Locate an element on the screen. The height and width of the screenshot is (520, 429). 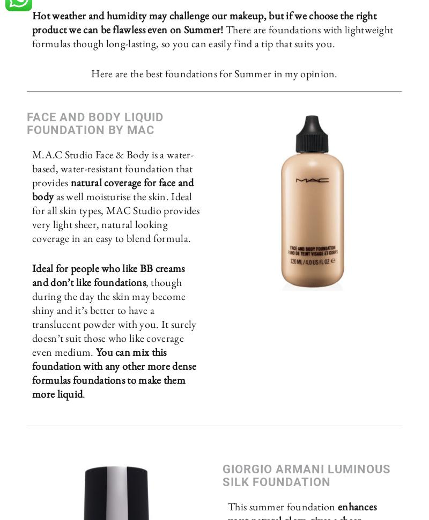
'Here are the best foundations for Summer in my opinion.' is located at coordinates (213, 73).